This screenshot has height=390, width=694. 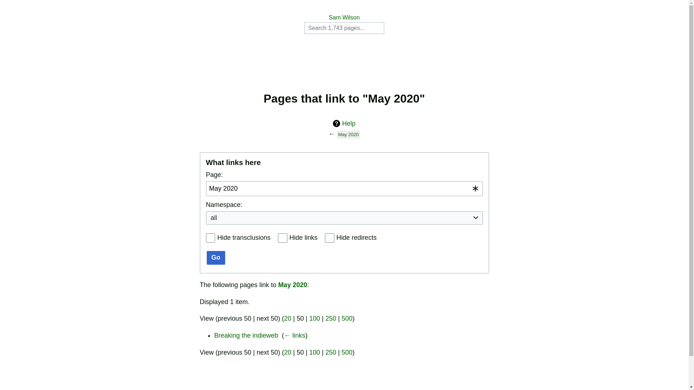 I want to click on 'Go', so click(x=215, y=257).